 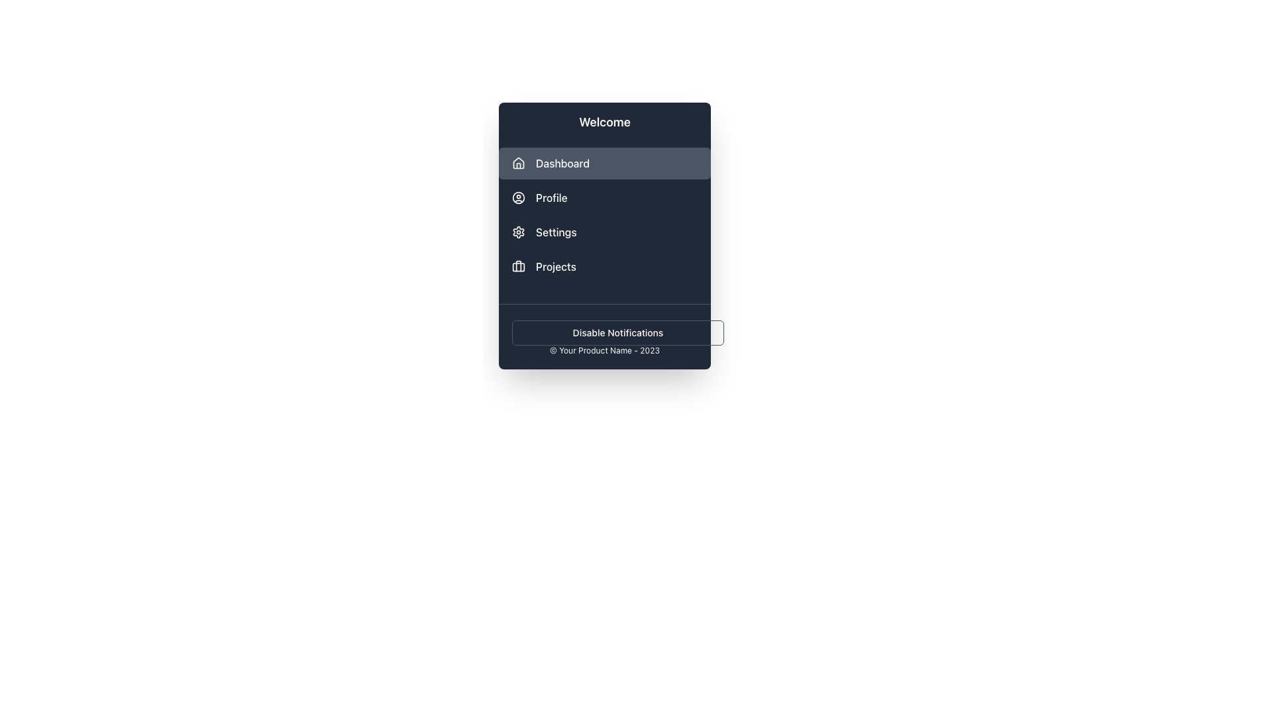 What do you see at coordinates (562, 162) in the screenshot?
I see `text label displaying 'Dashboard' which is light-colored and positioned to the right of a house icon in the vertical sidebar` at bounding box center [562, 162].